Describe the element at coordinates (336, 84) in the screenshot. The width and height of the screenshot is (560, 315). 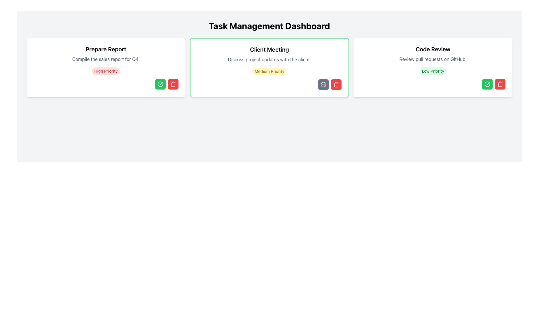
I see `the red trash can icon button located in the 'Client Meeting' task card` at that location.